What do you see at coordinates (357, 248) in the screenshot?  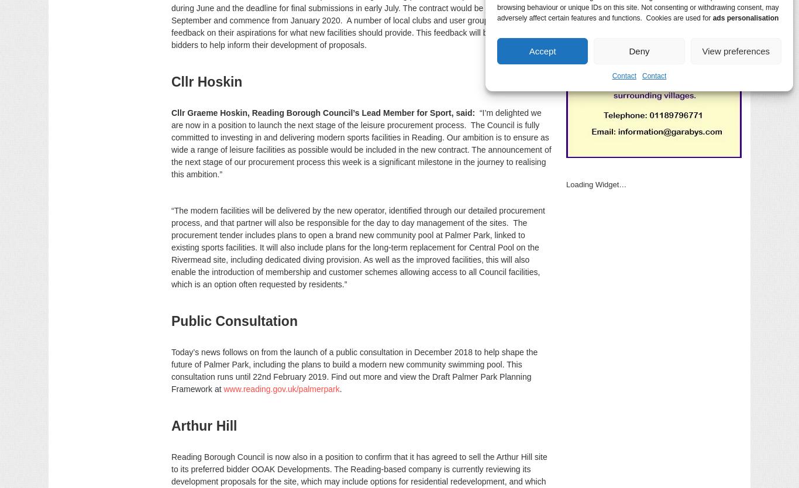 I see `'“The modern facilities will be delivered by the new operator, identified through our detailed procurement process, and that partner will also be responsible for the day to day management of the sites.  The procurement tender includes plans to open a brand new community pool at Palmer Park, linked to existing sports facilities. It will also include plans for the long-term replacement for Central Pool on the Rivermead site, including dedicated diving provision. As well as the improved facilities, this will also enable the introduction of membership and customer schemes allowing access to all Council facilities, which is an option often requested by residents.”'` at bounding box center [357, 248].